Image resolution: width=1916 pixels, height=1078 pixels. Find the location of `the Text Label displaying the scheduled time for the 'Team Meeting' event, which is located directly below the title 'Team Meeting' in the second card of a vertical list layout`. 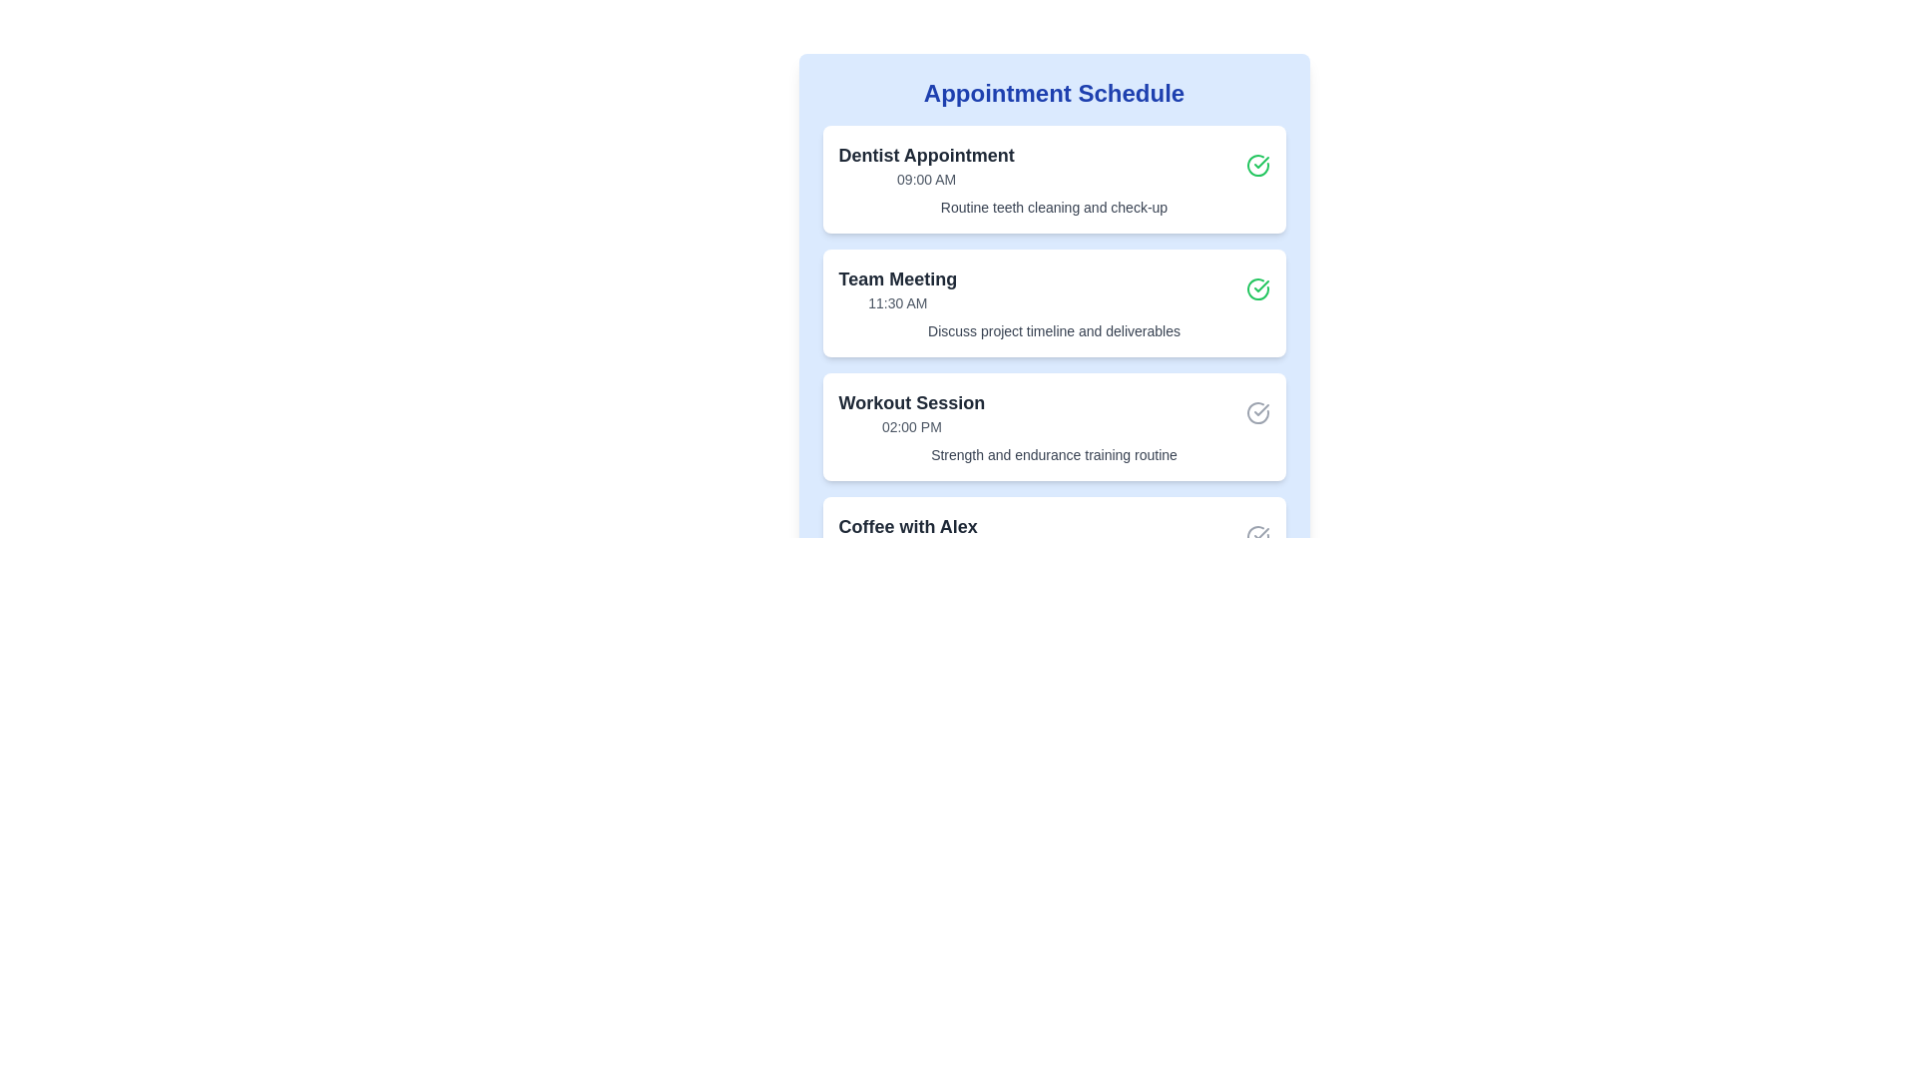

the Text Label displaying the scheduled time for the 'Team Meeting' event, which is located directly below the title 'Team Meeting' in the second card of a vertical list layout is located at coordinates (896, 303).